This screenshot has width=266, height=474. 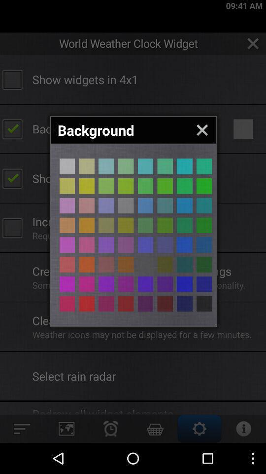 What do you see at coordinates (106, 244) in the screenshot?
I see `colour selection` at bounding box center [106, 244].